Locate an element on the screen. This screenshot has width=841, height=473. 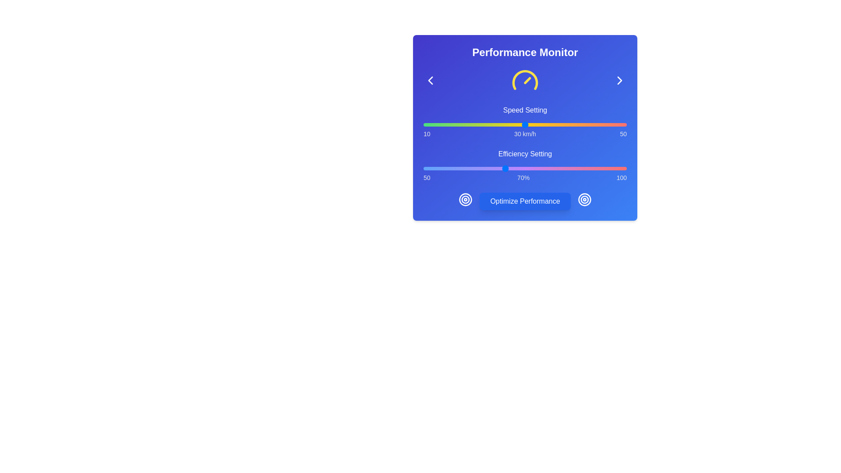
the speed slider to 17 km/h is located at coordinates (459, 125).